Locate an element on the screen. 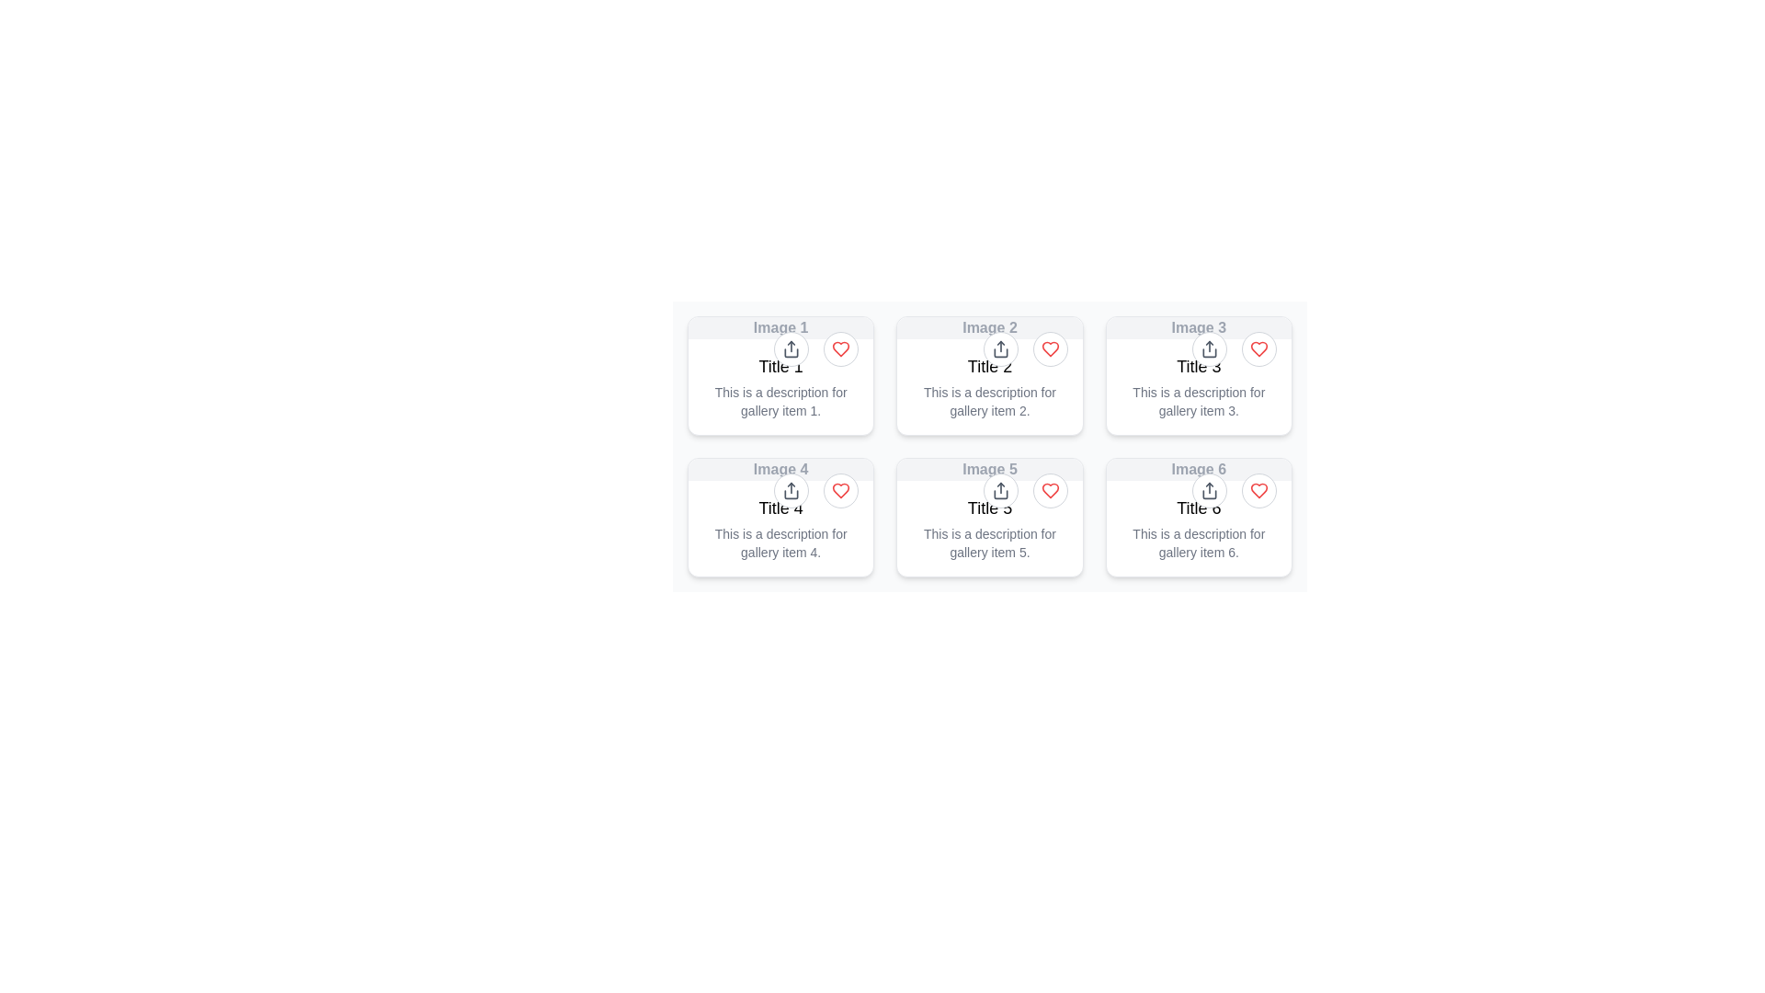 This screenshot has height=993, width=1765. the heart icon button located at the top-right corner of the card labeled 'Image 3' is located at coordinates (1257, 349).